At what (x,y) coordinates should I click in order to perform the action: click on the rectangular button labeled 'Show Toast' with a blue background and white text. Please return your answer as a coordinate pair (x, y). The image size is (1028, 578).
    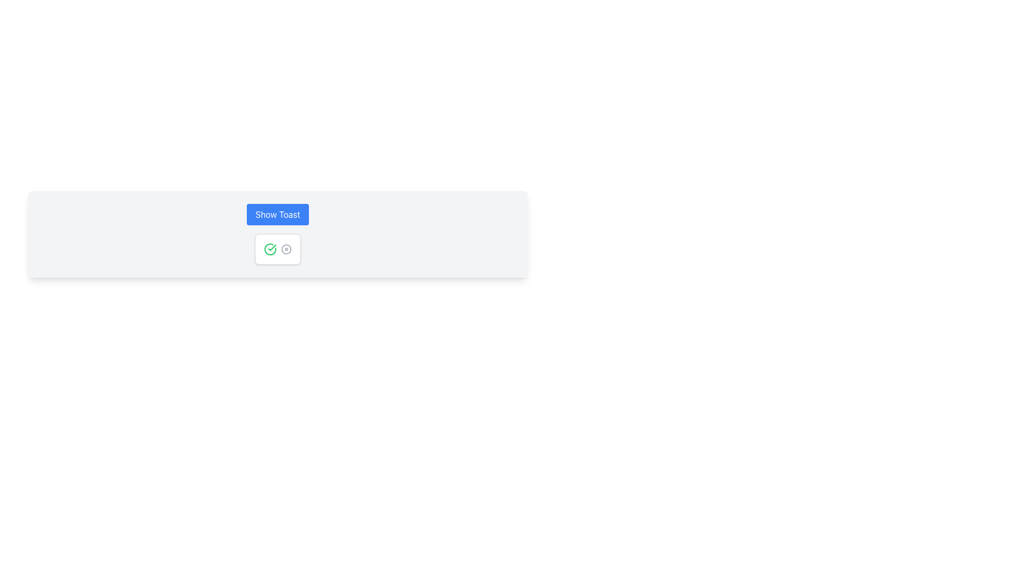
    Looking at the image, I should click on (277, 215).